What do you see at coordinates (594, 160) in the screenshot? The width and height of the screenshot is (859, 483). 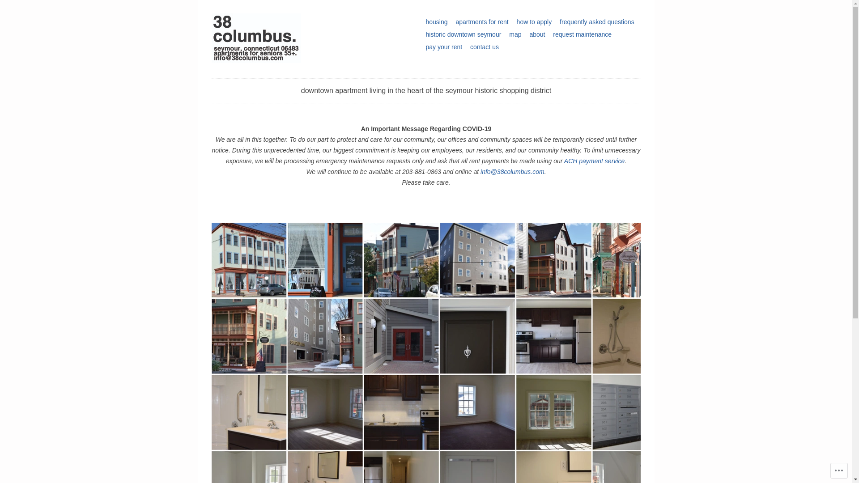 I see `'ACH payment service'` at bounding box center [594, 160].